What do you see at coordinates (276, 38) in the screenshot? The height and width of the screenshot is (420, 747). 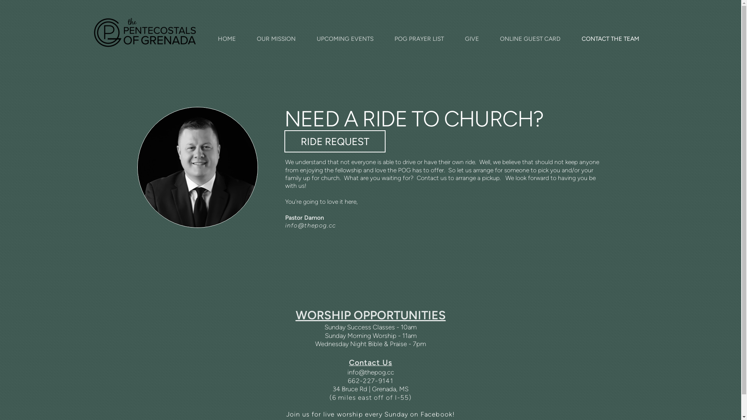 I see `'OUR MISSION'` at bounding box center [276, 38].